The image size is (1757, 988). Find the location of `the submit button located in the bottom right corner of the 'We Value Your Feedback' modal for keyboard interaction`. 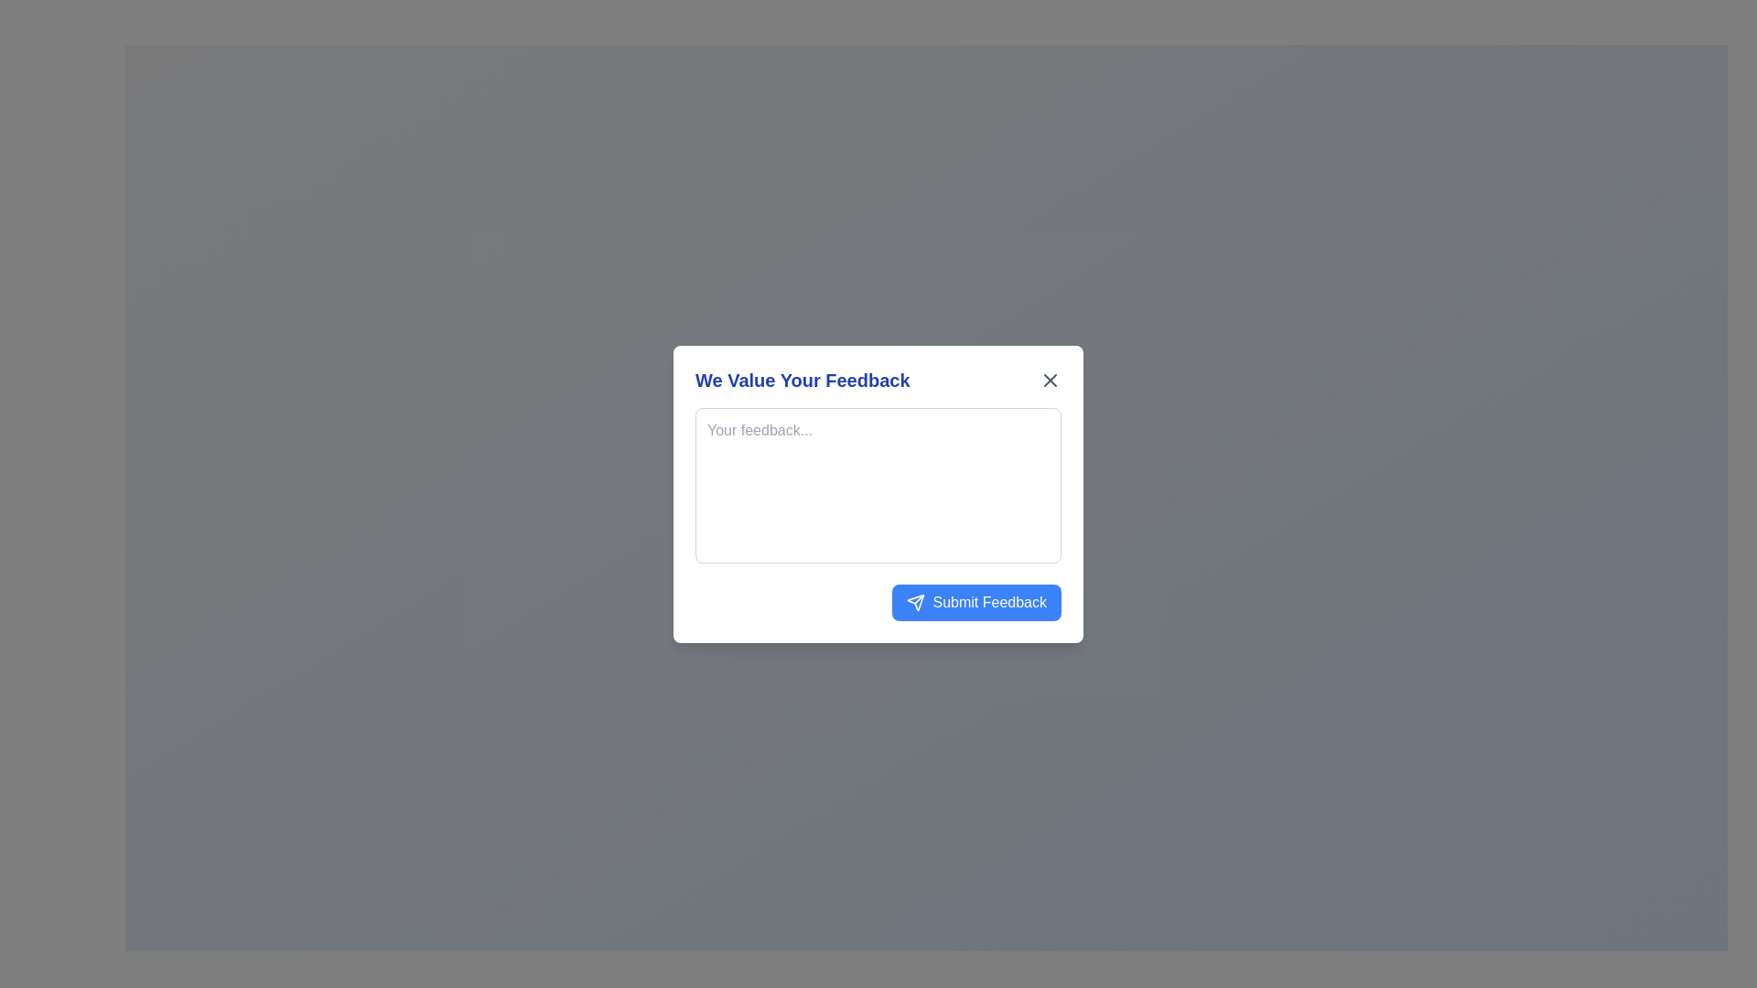

the submit button located in the bottom right corner of the 'We Value Your Feedback' modal for keyboard interaction is located at coordinates (878, 602).